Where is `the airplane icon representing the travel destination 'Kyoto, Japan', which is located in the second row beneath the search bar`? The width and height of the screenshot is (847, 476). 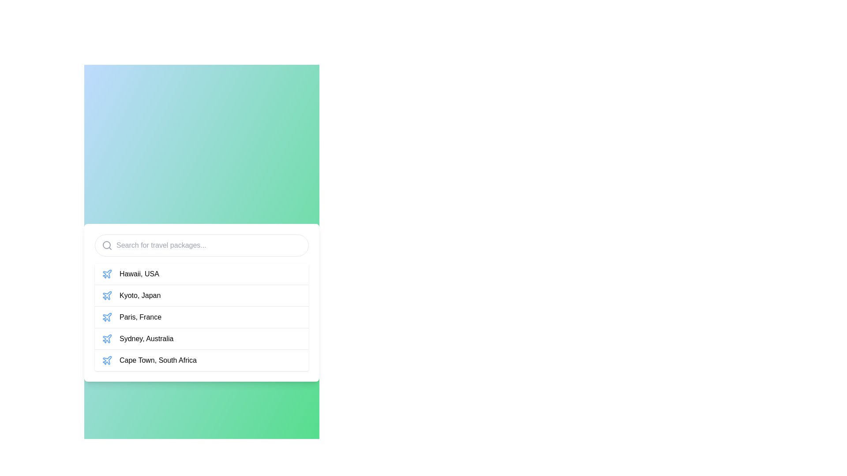 the airplane icon representing the travel destination 'Kyoto, Japan', which is located in the second row beneath the search bar is located at coordinates (107, 273).